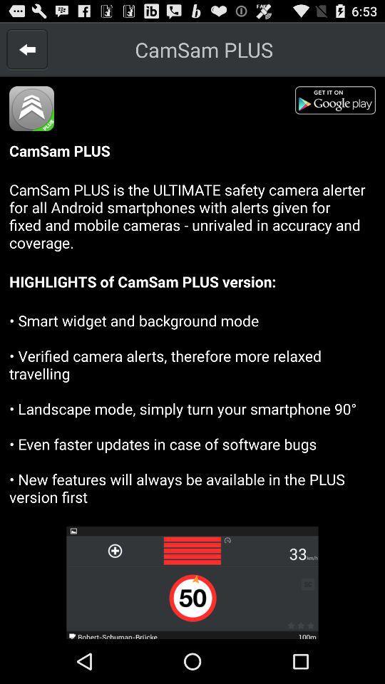 The height and width of the screenshot is (684, 385). I want to click on the icon next to camsam plus, so click(27, 49).